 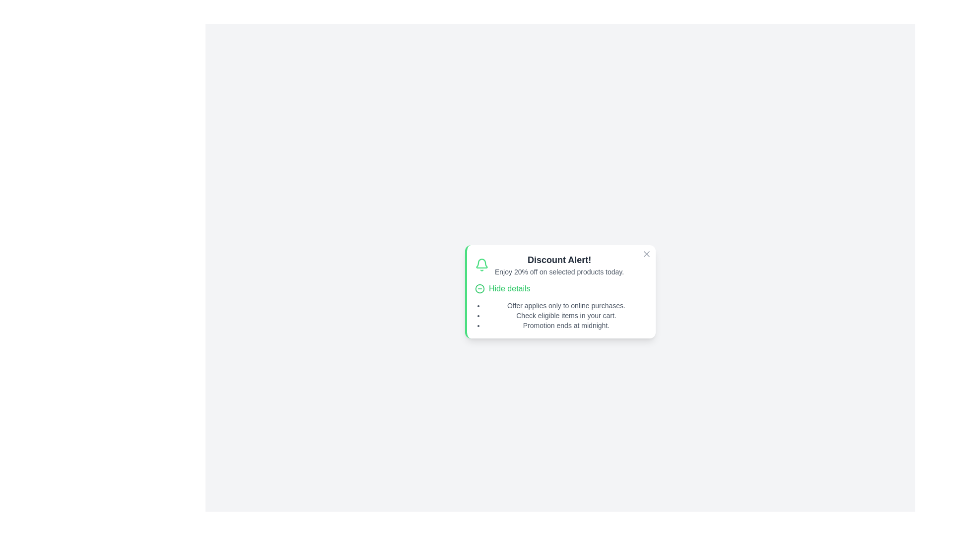 What do you see at coordinates (646, 254) in the screenshot?
I see `the close button to dismiss the notification` at bounding box center [646, 254].